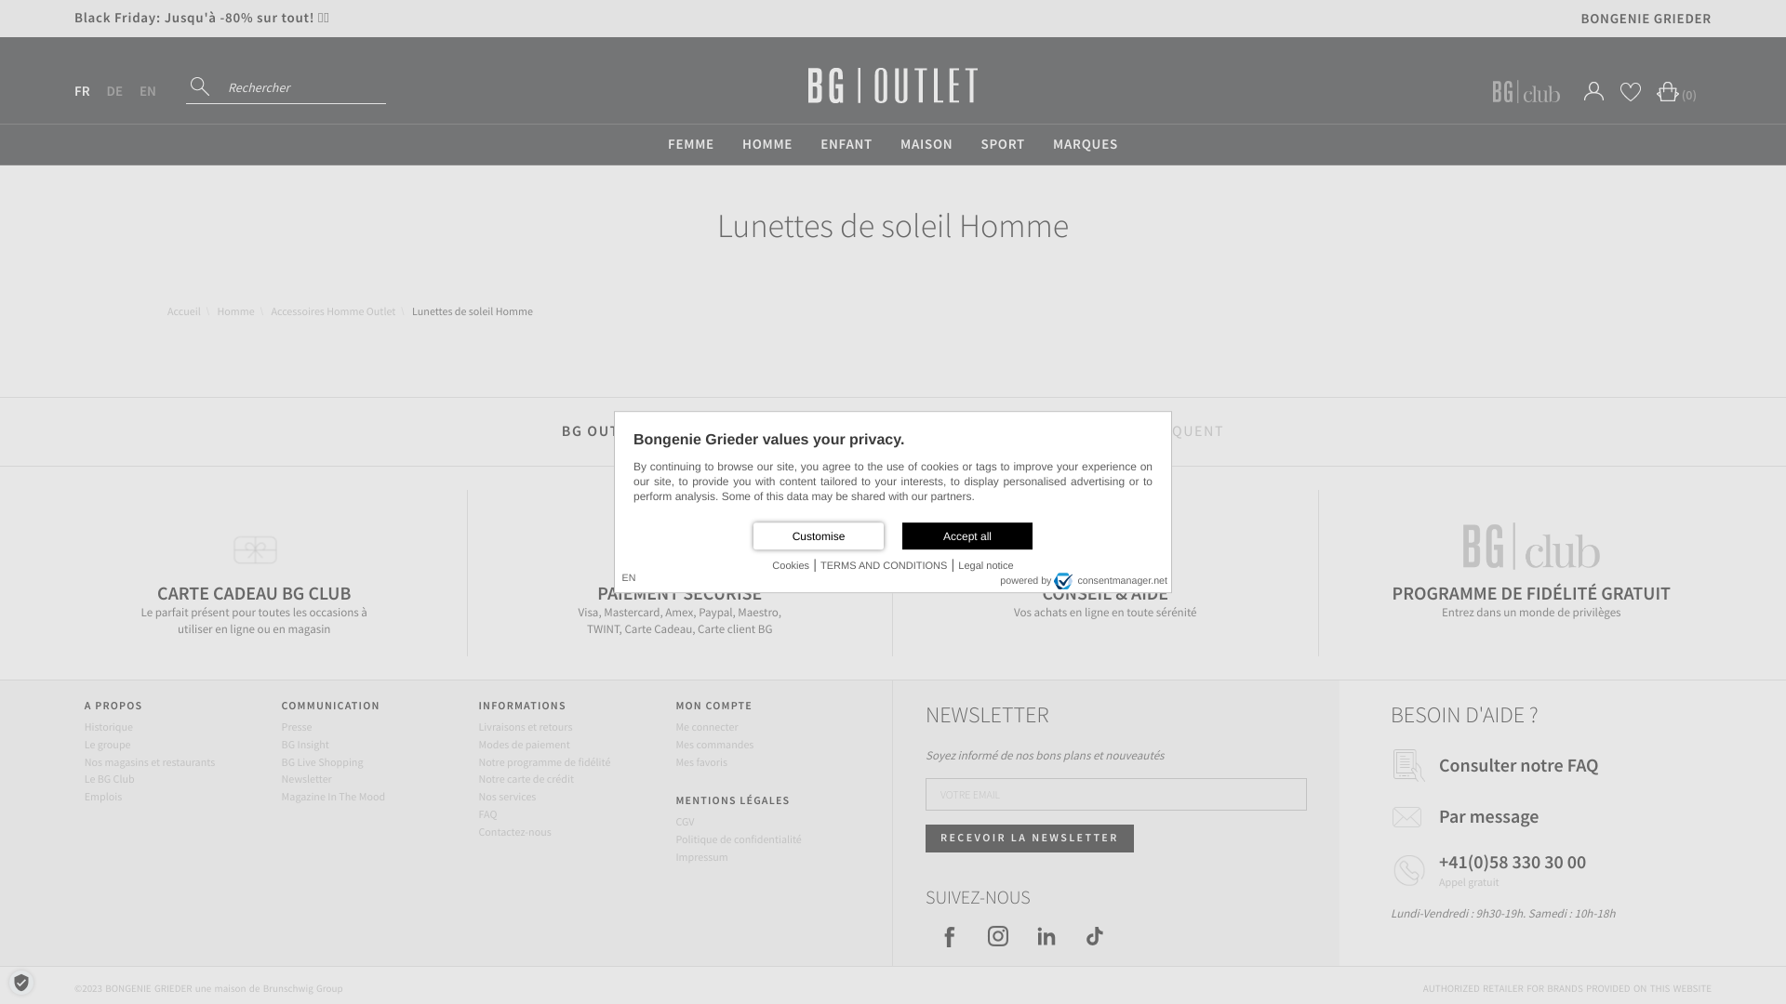 The image size is (1786, 1004). I want to click on 'Nos magasins et restaurants', so click(150, 762).